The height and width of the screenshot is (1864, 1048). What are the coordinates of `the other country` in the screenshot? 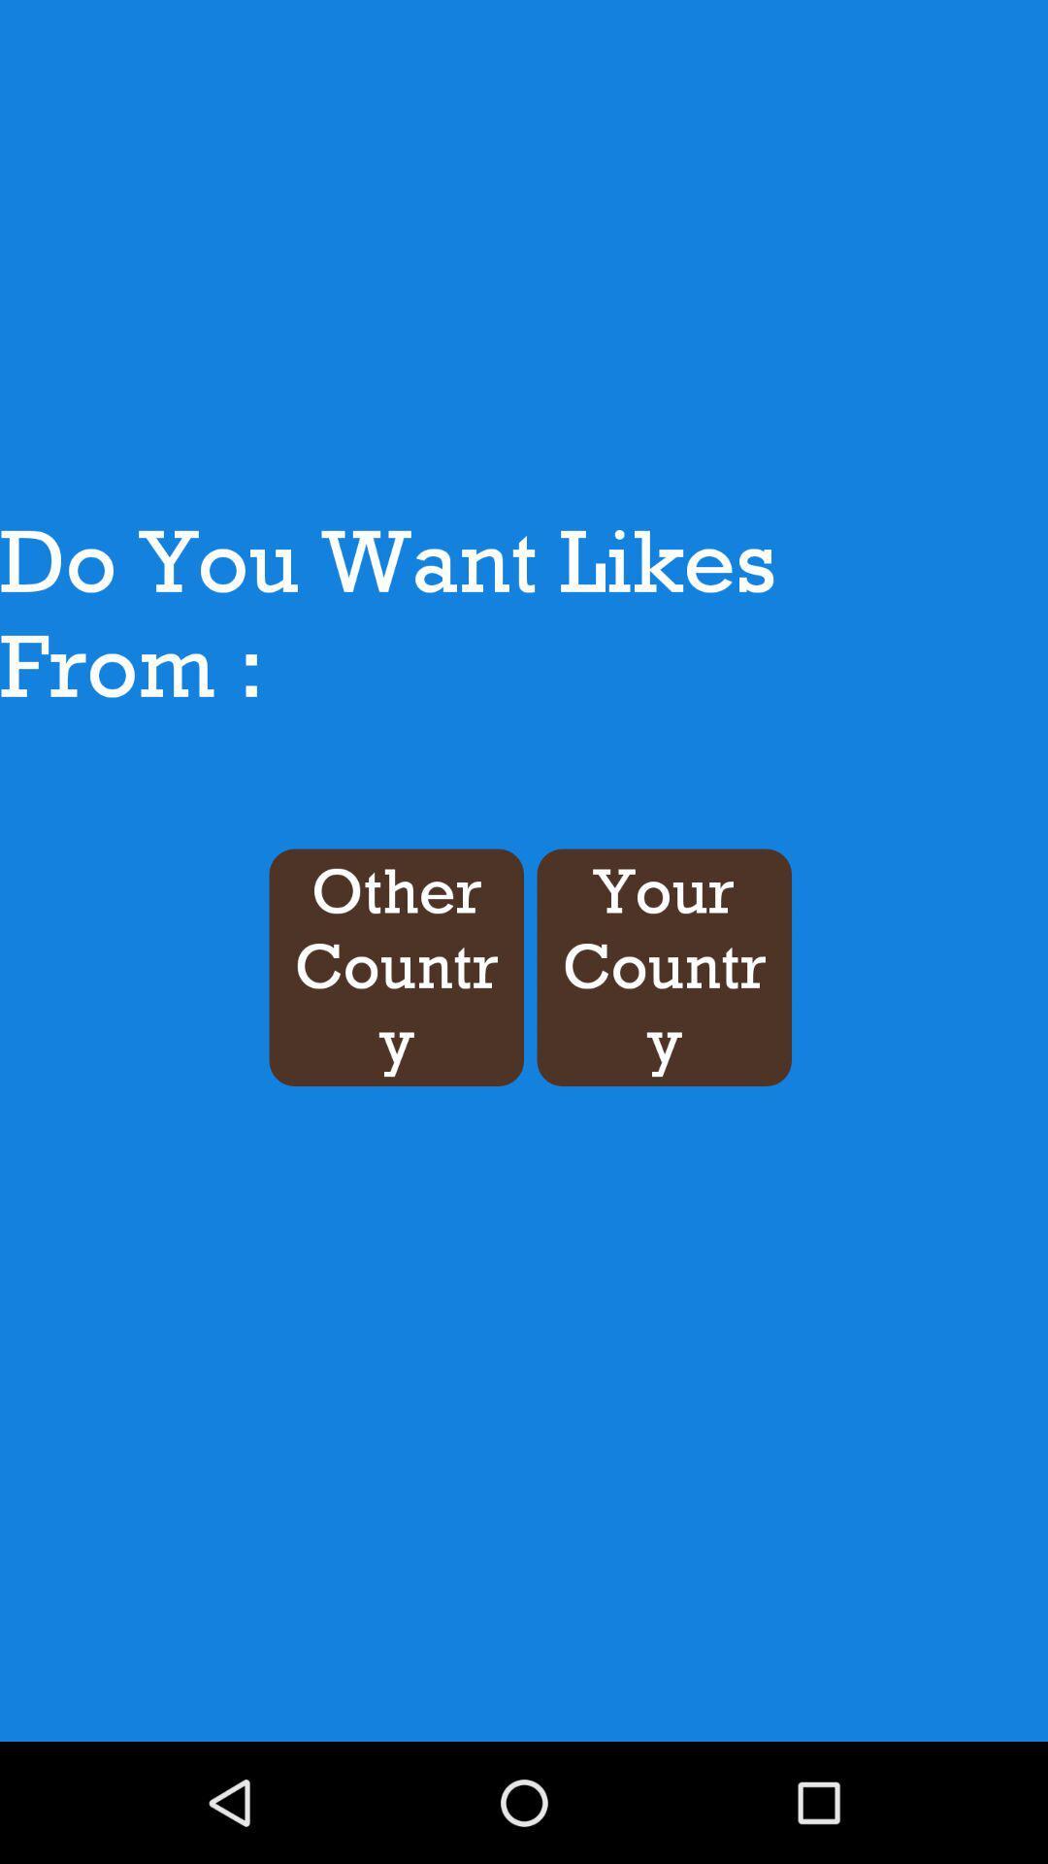 It's located at (395, 967).